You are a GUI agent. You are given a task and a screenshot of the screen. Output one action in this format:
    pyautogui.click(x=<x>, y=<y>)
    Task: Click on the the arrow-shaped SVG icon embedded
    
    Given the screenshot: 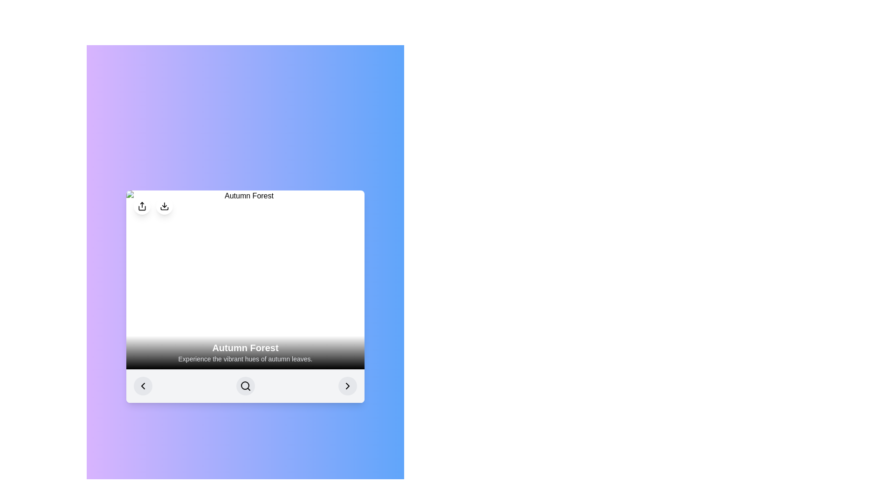 What is the action you would take?
    pyautogui.click(x=347, y=386)
    